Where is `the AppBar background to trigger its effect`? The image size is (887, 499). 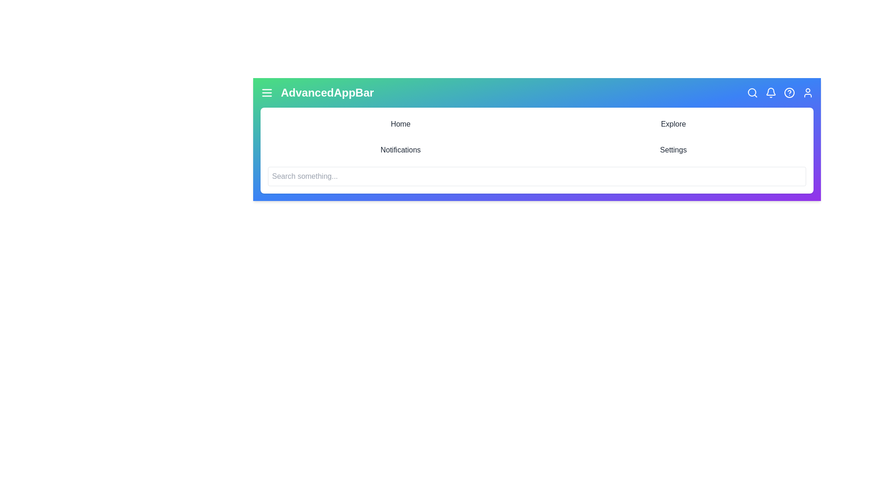 the AppBar background to trigger its effect is located at coordinates (537, 139).